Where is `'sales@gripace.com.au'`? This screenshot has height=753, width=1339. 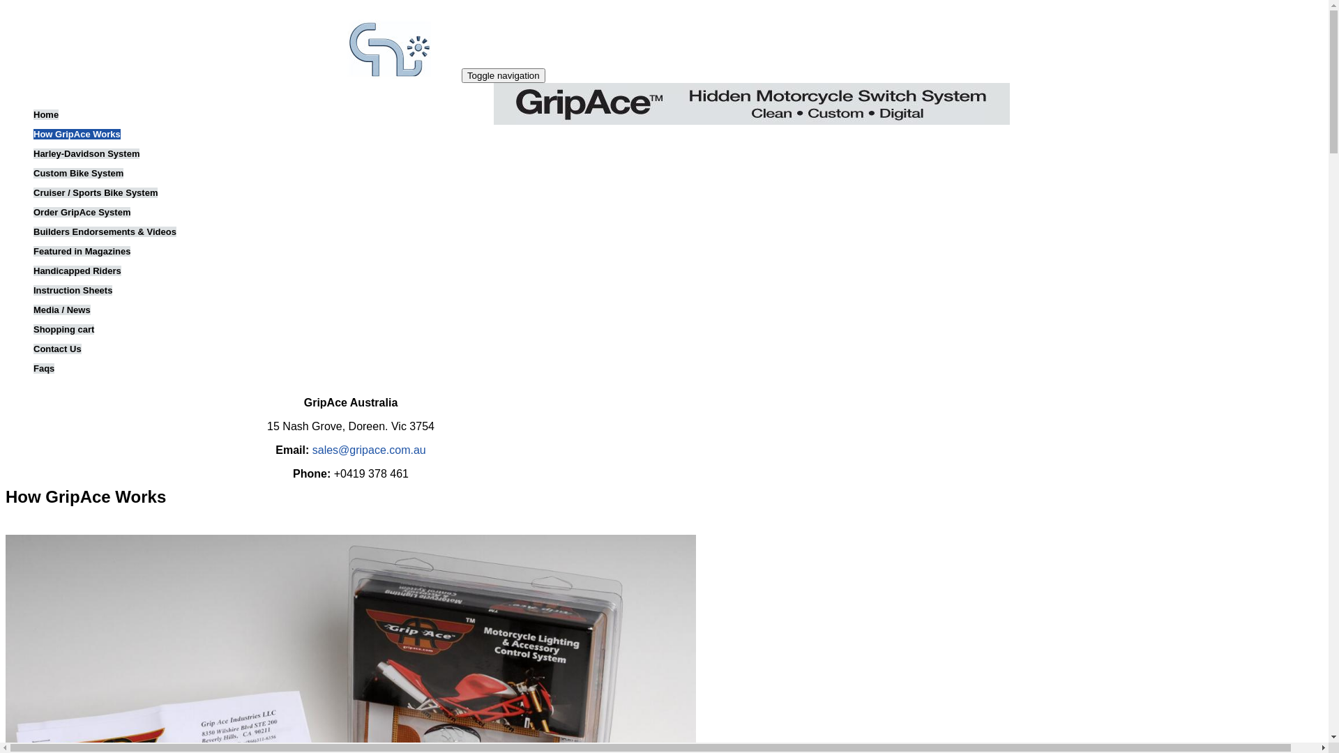 'sales@gripace.com.au' is located at coordinates (369, 450).